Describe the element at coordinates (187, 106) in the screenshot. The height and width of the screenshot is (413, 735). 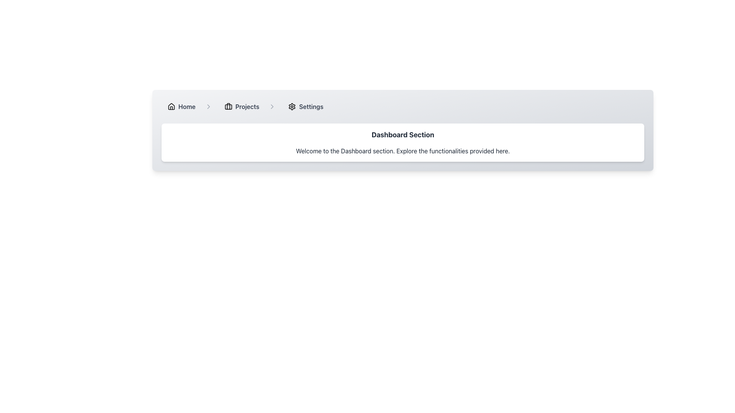
I see `the 'Home' breadcrumb link, which is the first item in the breadcrumb navigation bar at the top-left of the interface` at that location.